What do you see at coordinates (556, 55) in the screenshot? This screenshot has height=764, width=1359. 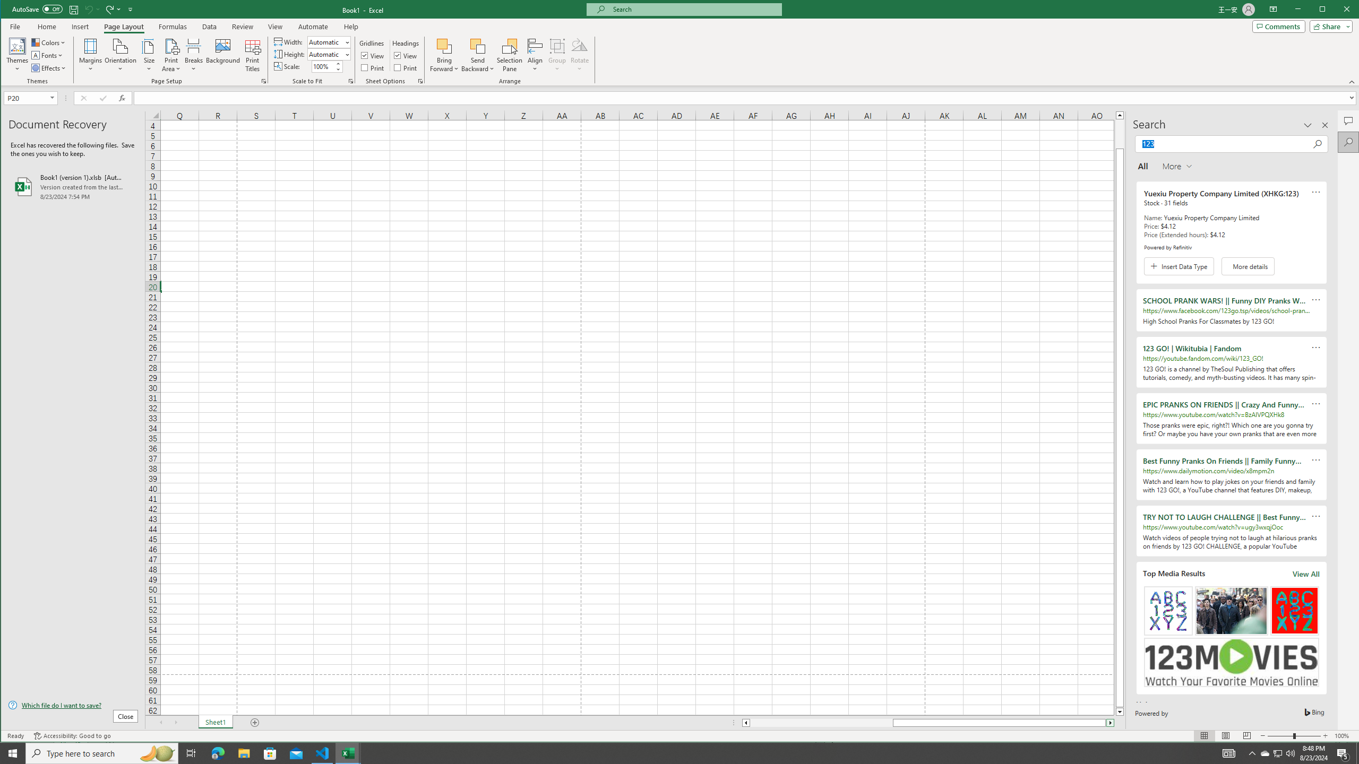 I see `'Group'` at bounding box center [556, 55].